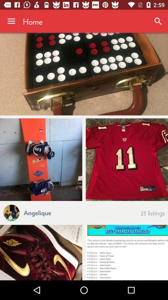  I want to click on the item on the left, so click(41, 159).